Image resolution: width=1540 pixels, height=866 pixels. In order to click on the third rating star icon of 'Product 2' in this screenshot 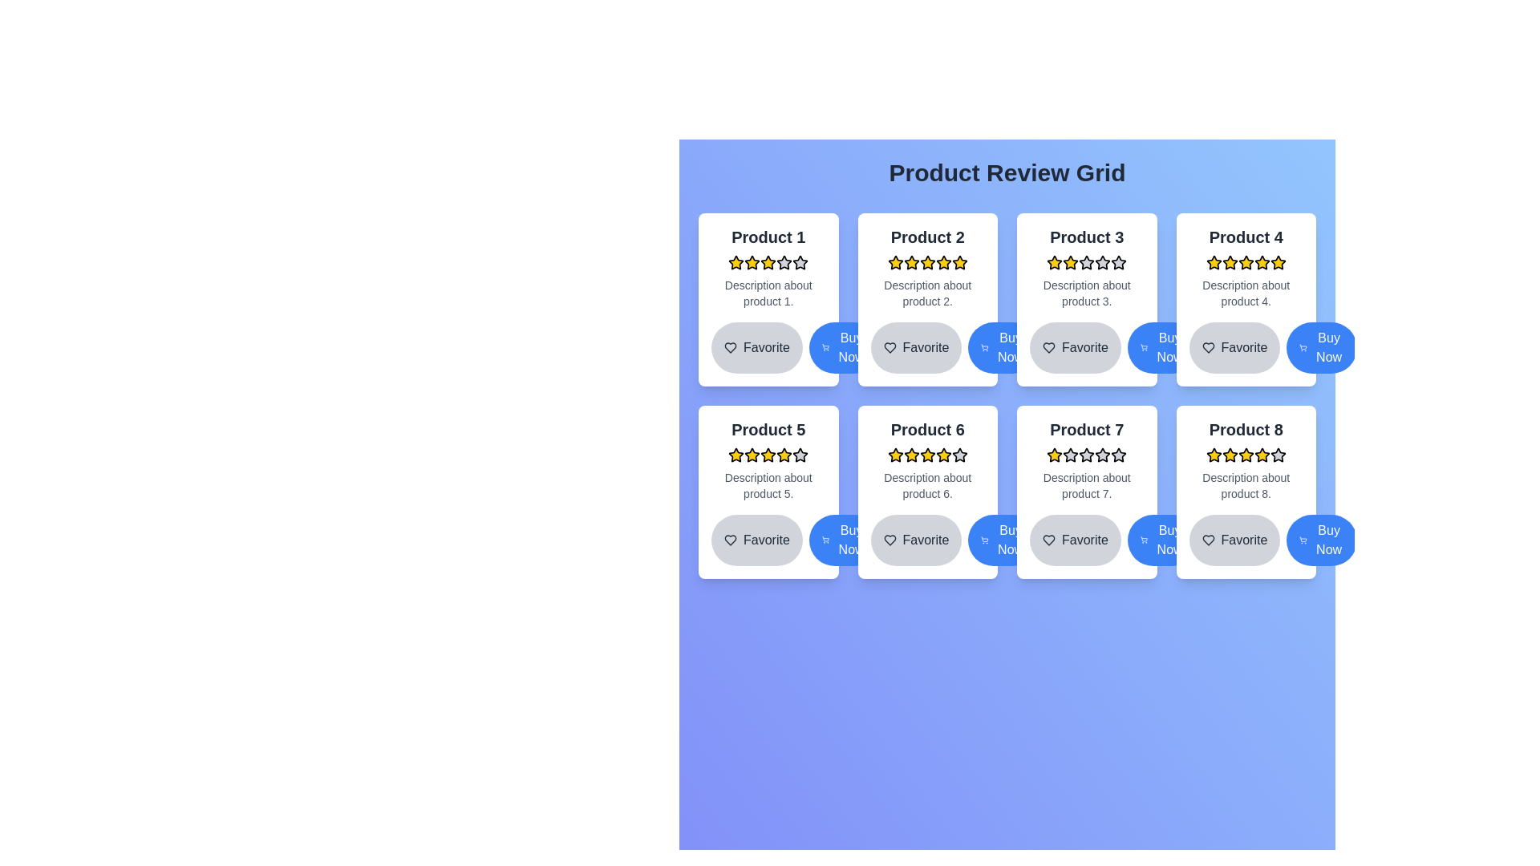, I will do `click(943, 261)`.